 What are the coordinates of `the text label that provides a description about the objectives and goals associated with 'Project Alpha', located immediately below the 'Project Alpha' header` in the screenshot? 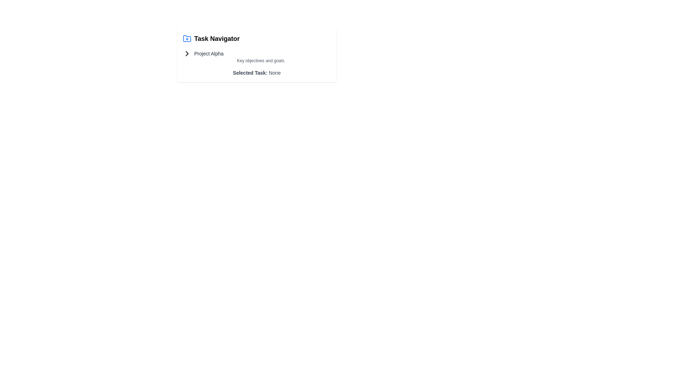 It's located at (261, 60).